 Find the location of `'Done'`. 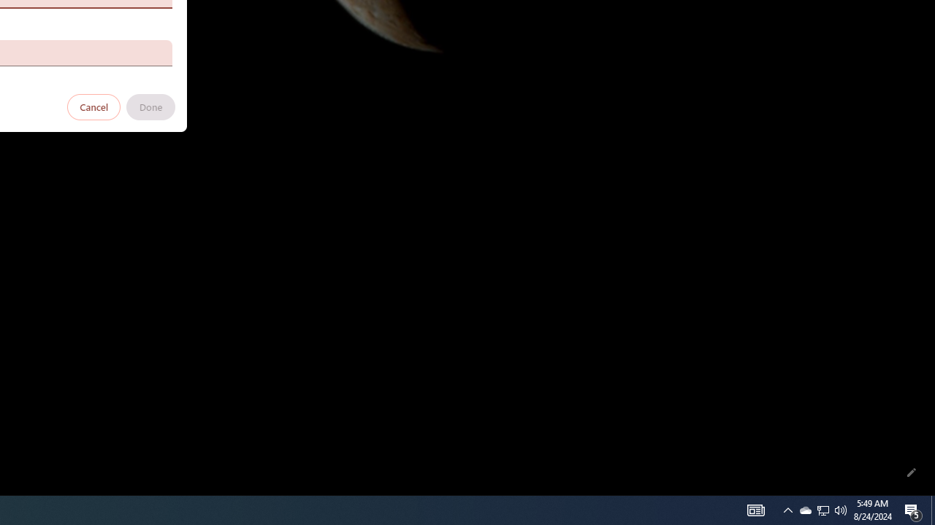

'Done' is located at coordinates (150, 106).